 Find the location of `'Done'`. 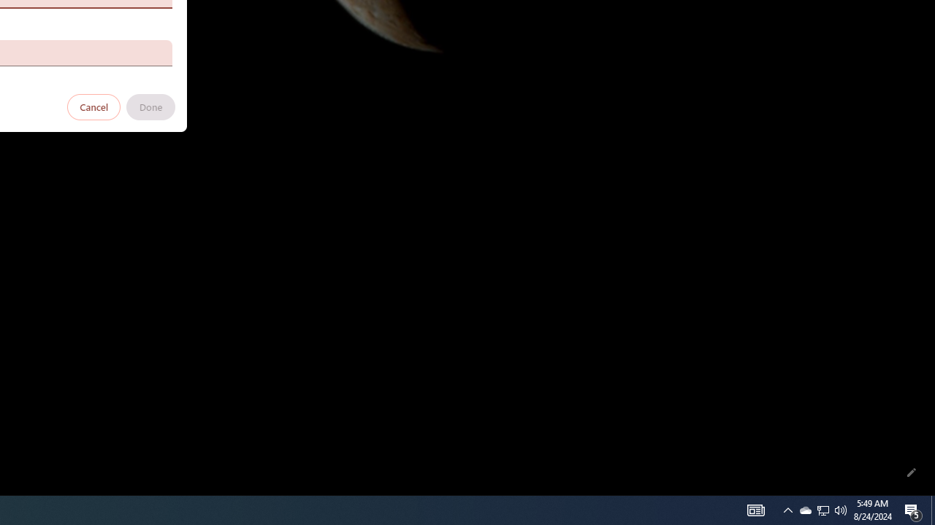

'Done' is located at coordinates (150, 106).